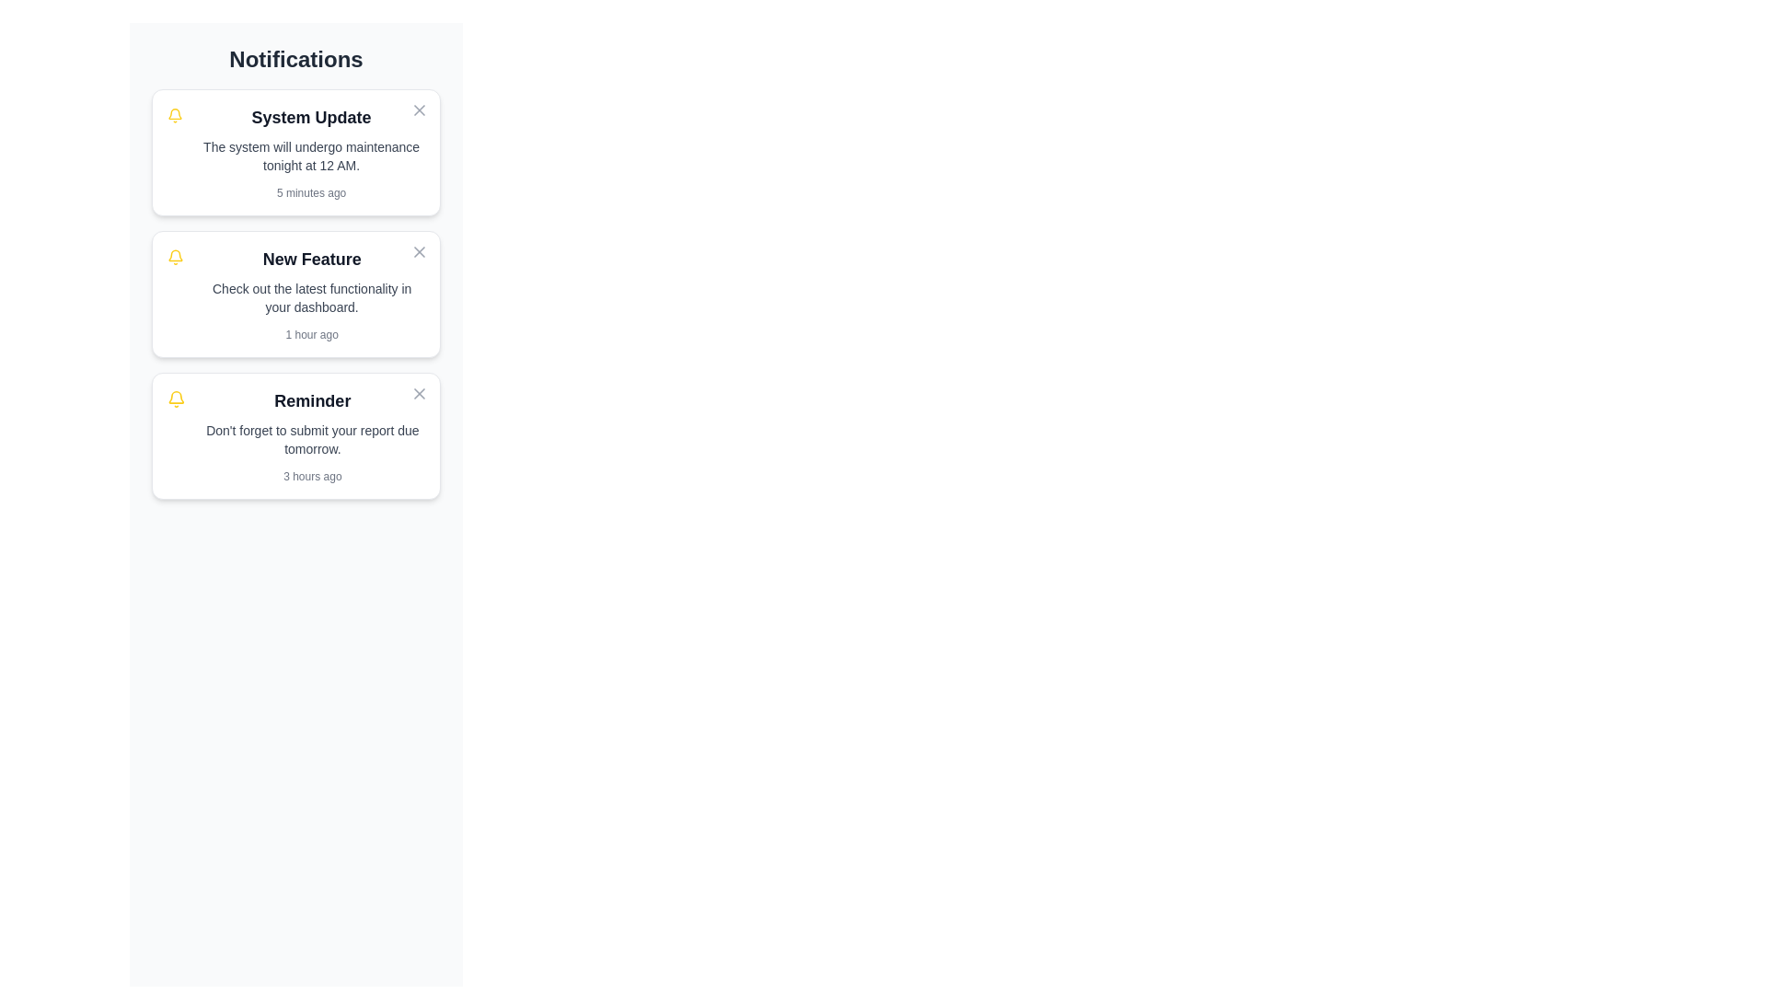 The width and height of the screenshot is (1767, 994). I want to click on the text segment reading 'The system will undergo maintenance tonight at 12 AM.', which is styled with a smaller font size and subtle gray color, located between the heading 'System Update' and the timestamp '5 minutes ago', so click(311, 155).